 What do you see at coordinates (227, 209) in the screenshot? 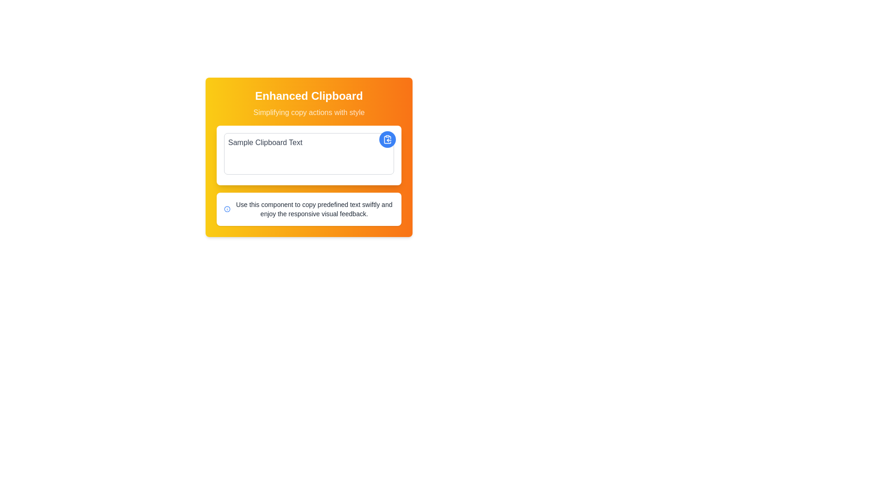
I see `the instructional icon located in the bottom-left corner of the card layout, which indicates that the accompanying text provides information or guidance` at bounding box center [227, 209].